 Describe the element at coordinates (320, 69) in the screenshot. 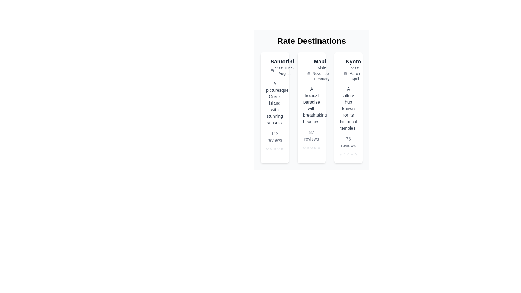

I see `the label that provides information about the travel destination, positioned between 'Santorini' and 'Kyoto'` at that location.